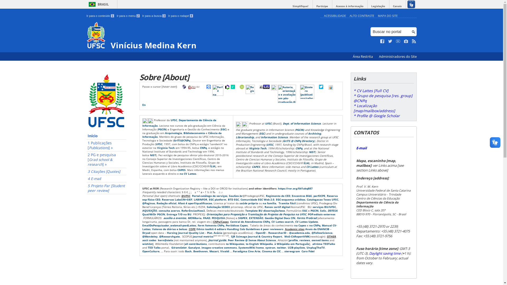 This screenshot has width=507, height=285. I want to click on 'NIST', so click(312, 151).